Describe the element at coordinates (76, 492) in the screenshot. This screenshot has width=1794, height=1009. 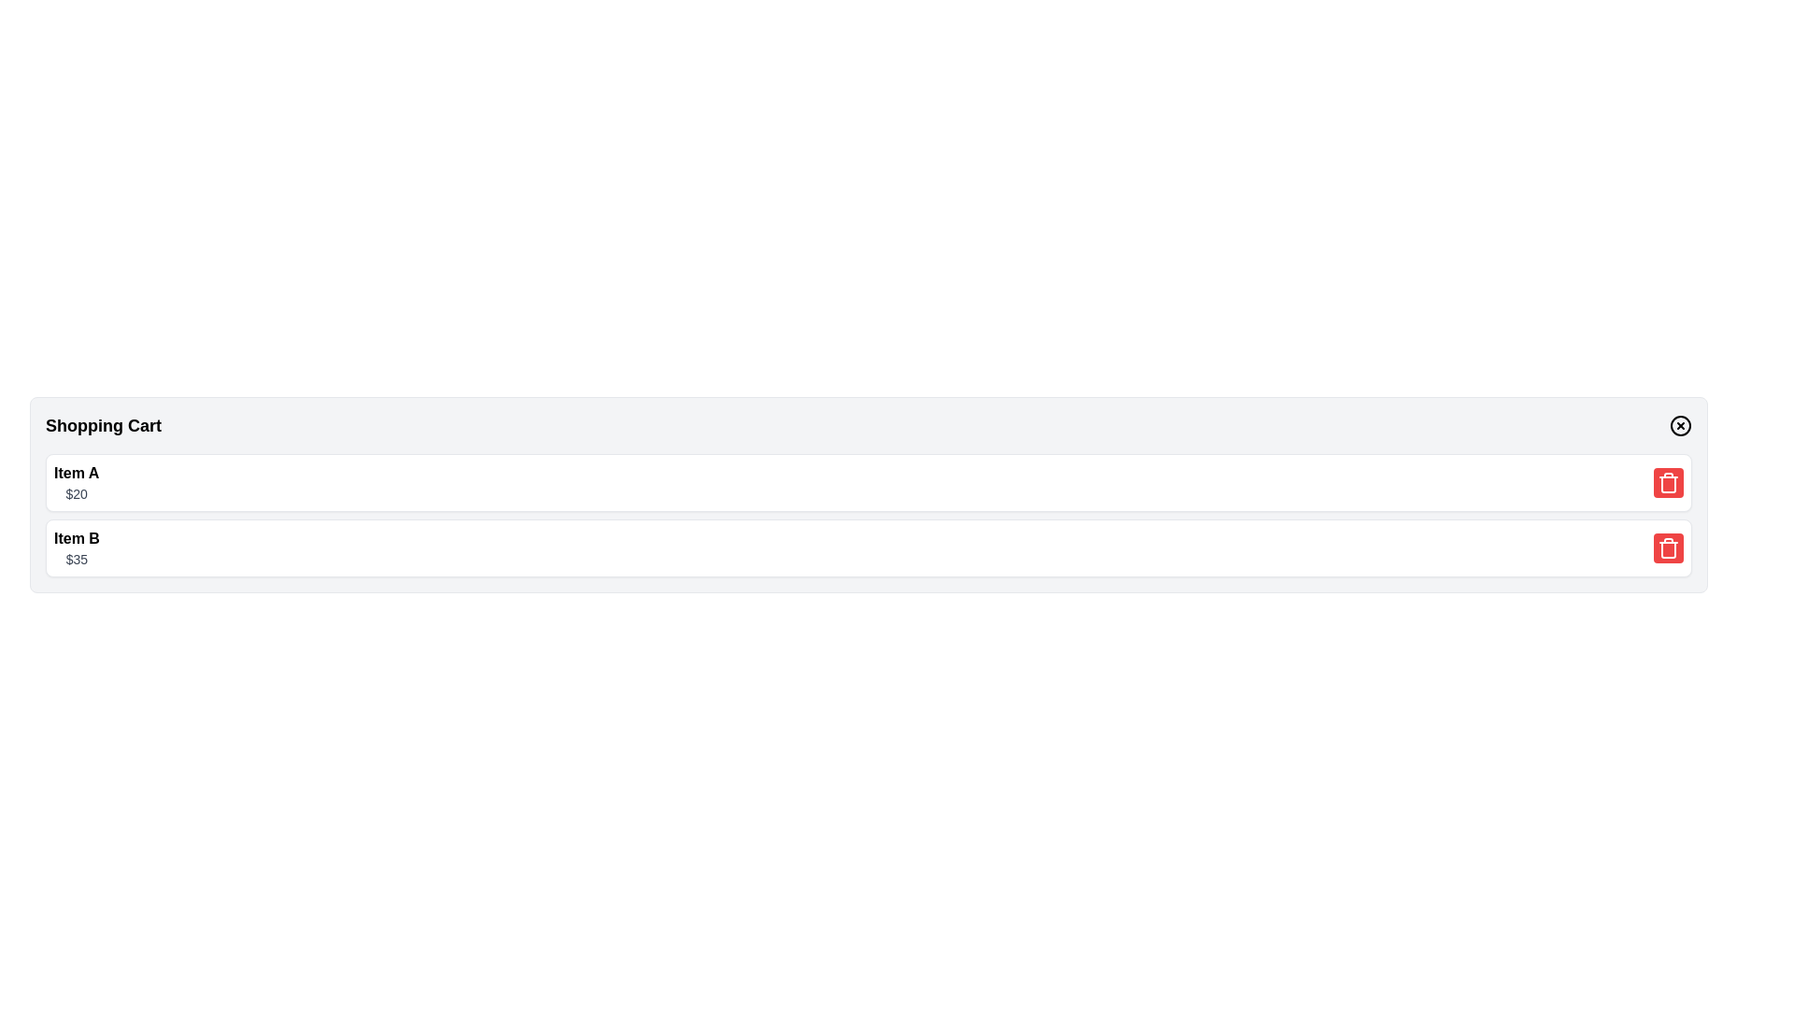
I see `text displayed in the price indicator label showing '$20', which is positioned below 'Item A' and to the left of the delete icon in the shopping cart` at that location.